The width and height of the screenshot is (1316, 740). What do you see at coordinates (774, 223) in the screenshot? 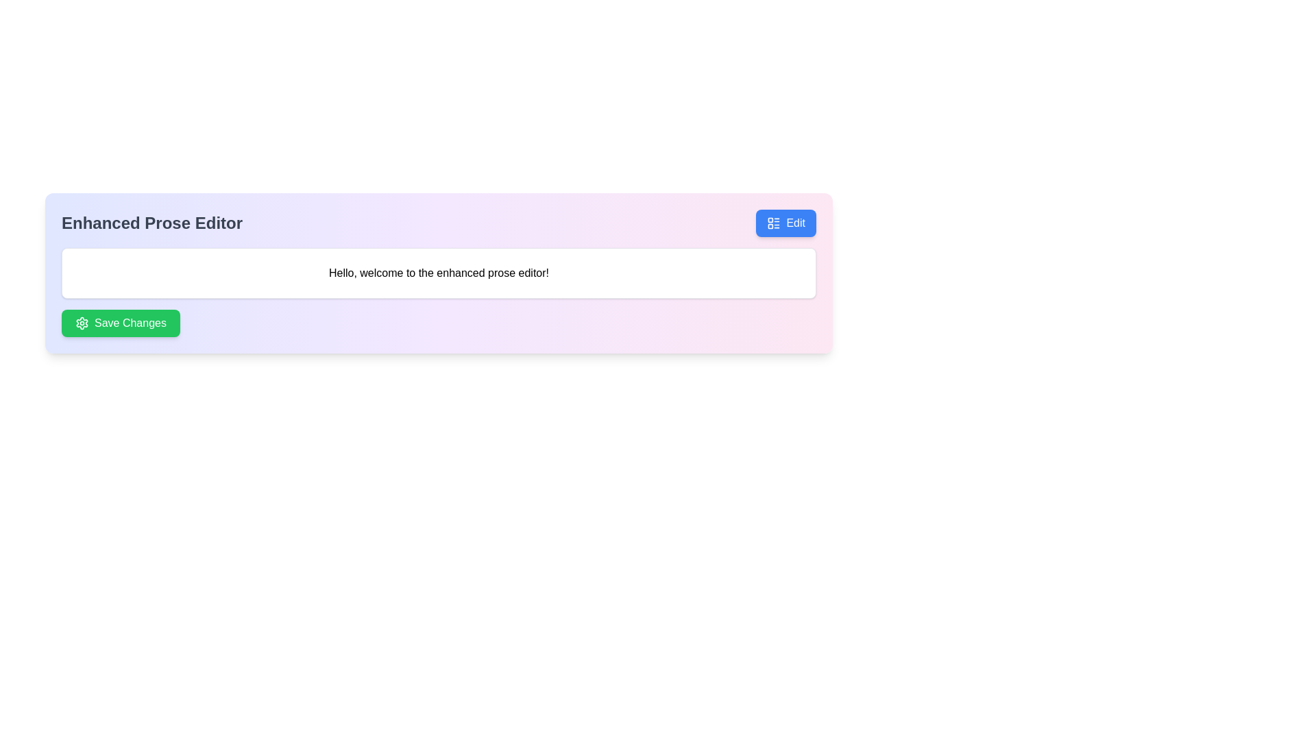
I see `the 'Edit' button located at the top-right corner of the 'Enhanced Prose Editor' panel, which contains an icon styled with lines representing a list layout` at bounding box center [774, 223].